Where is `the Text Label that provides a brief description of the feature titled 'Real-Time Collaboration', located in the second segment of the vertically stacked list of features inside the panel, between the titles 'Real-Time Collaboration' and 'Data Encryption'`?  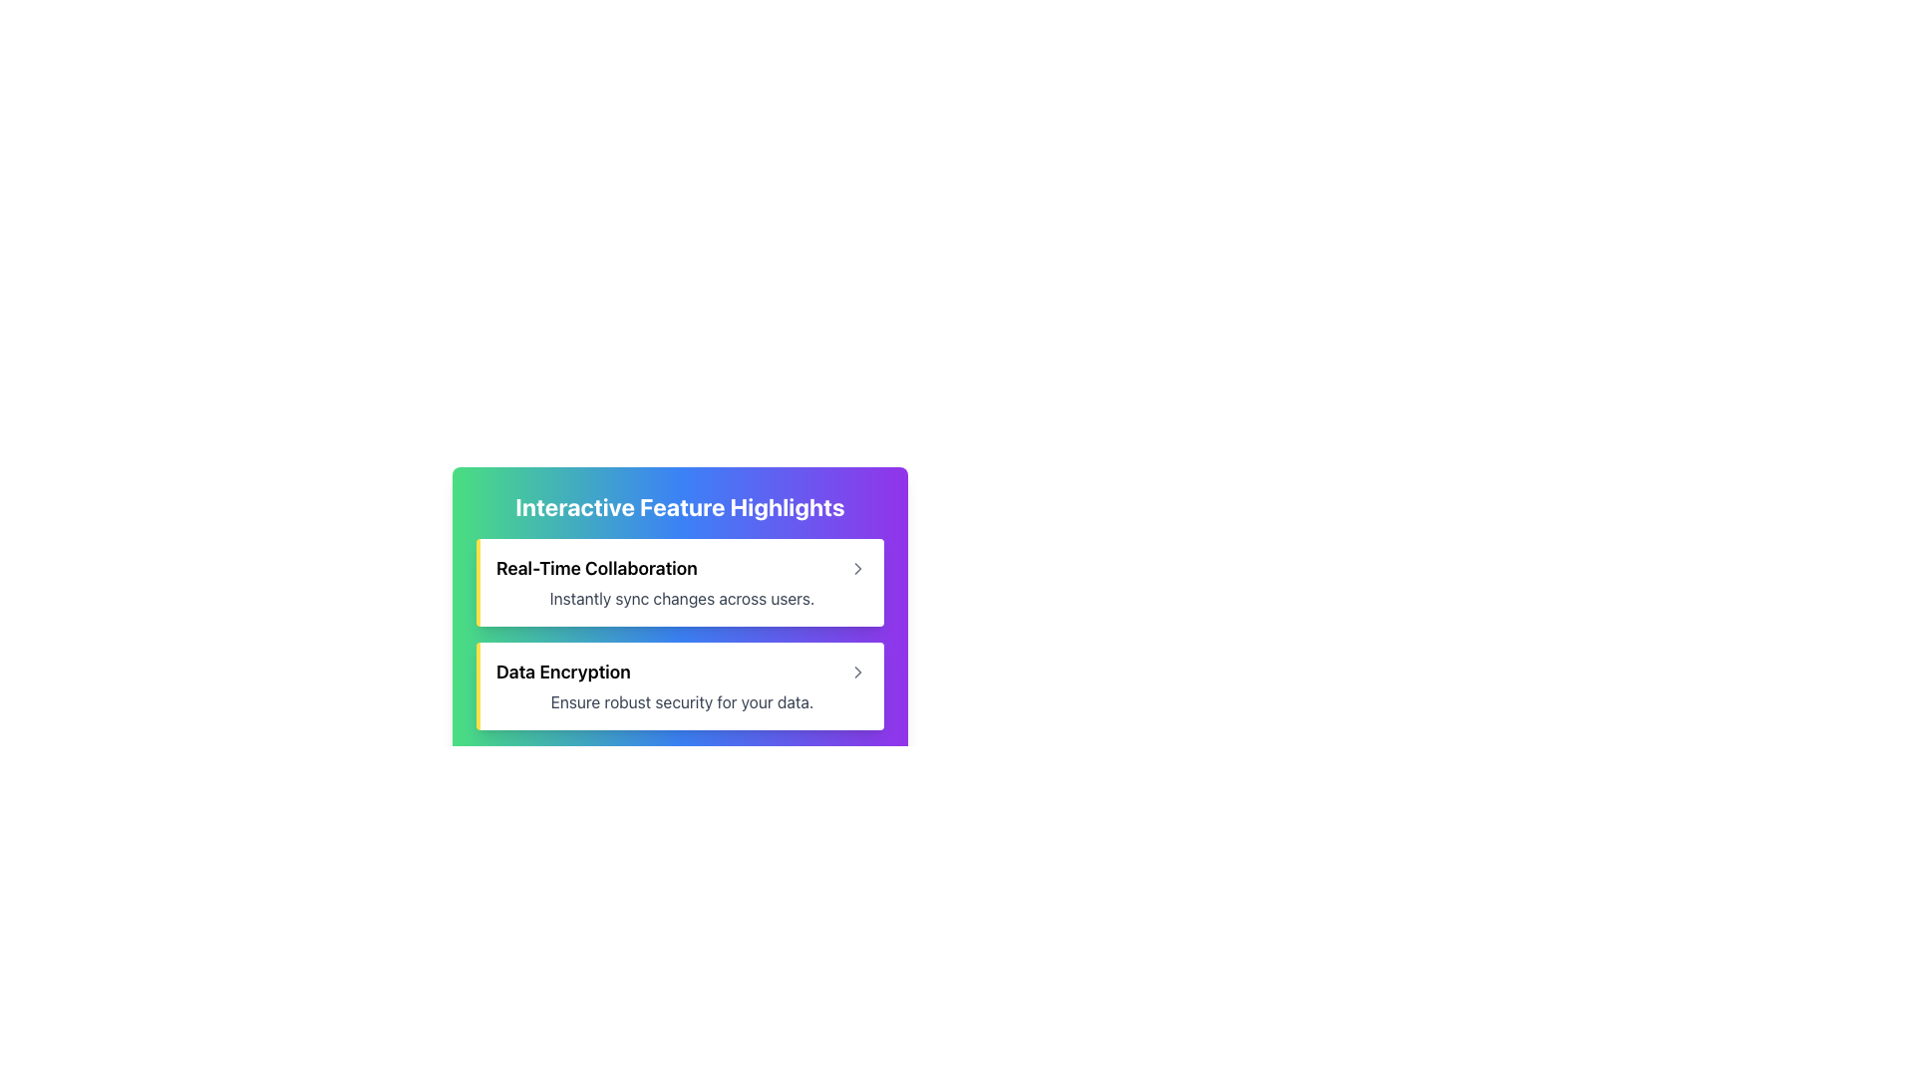
the Text Label that provides a brief description of the feature titled 'Real-Time Collaboration', located in the second segment of the vertically stacked list of features inside the panel, between the titles 'Real-Time Collaboration' and 'Data Encryption' is located at coordinates (682, 598).